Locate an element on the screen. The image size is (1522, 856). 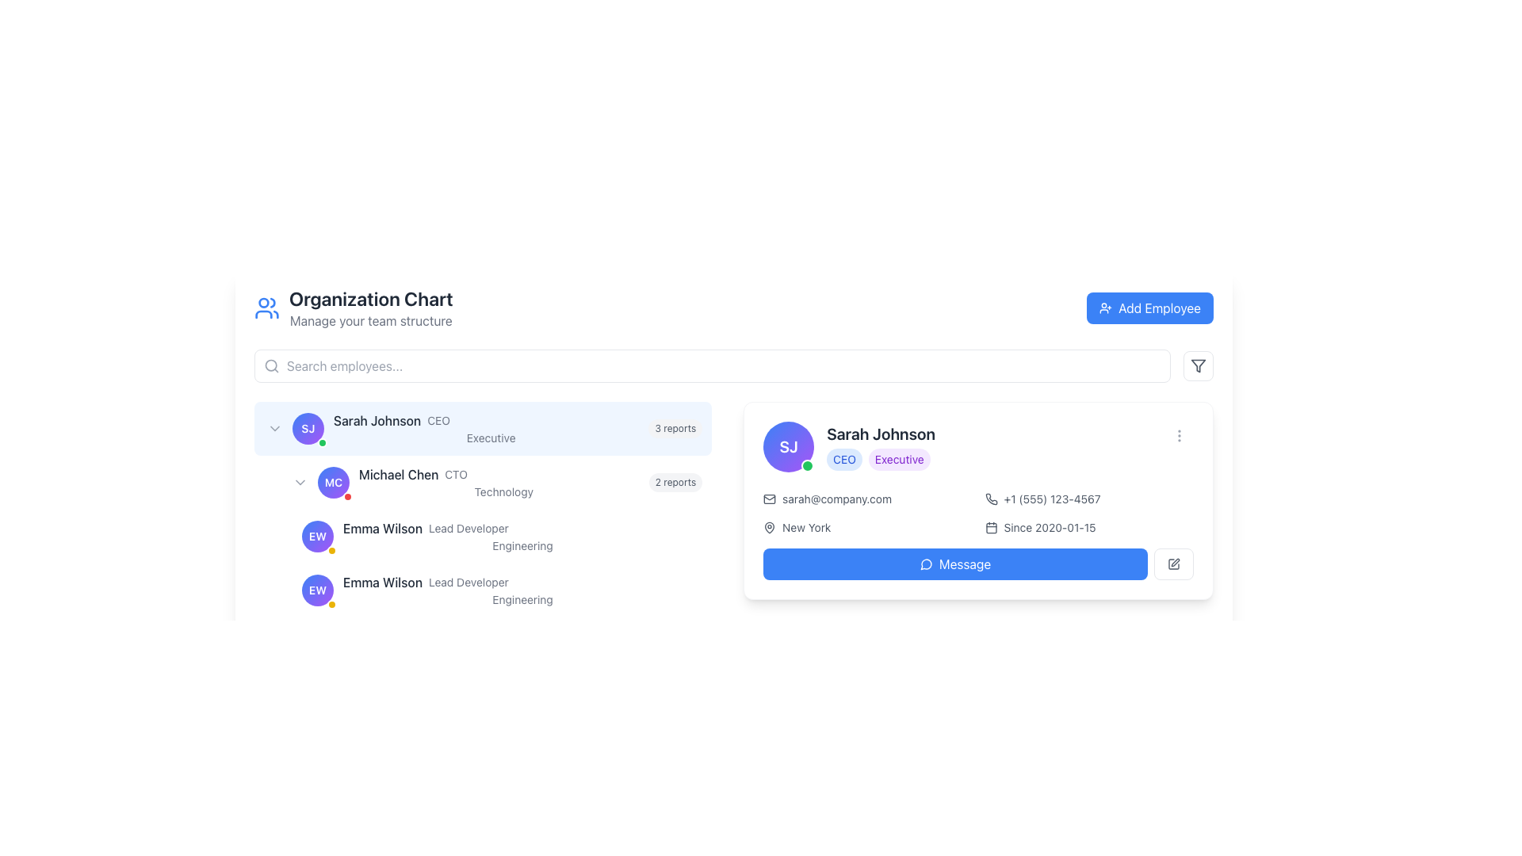
the calendar icon located in the user's details card about Sarah Johnson is located at coordinates (990, 528).